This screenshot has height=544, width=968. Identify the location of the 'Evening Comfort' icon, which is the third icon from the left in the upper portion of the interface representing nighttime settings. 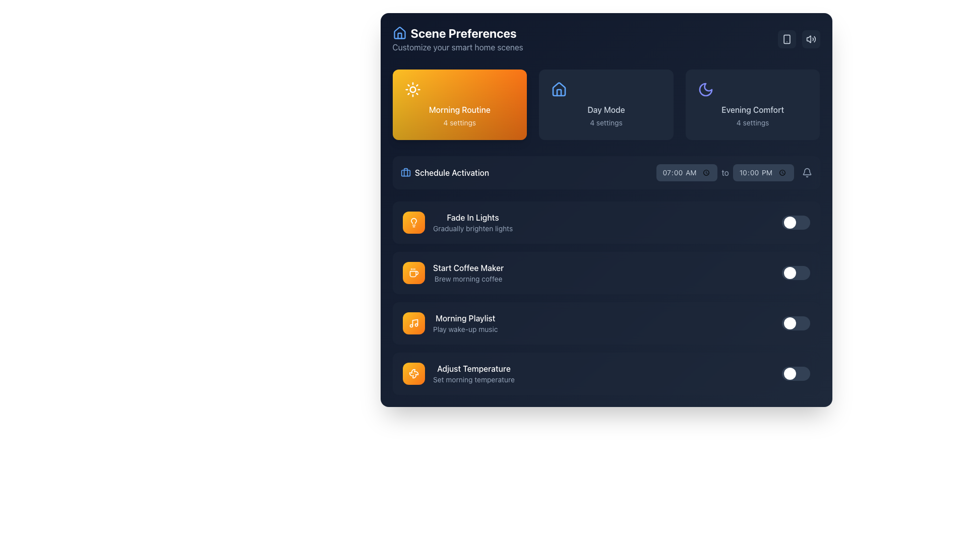
(705, 89).